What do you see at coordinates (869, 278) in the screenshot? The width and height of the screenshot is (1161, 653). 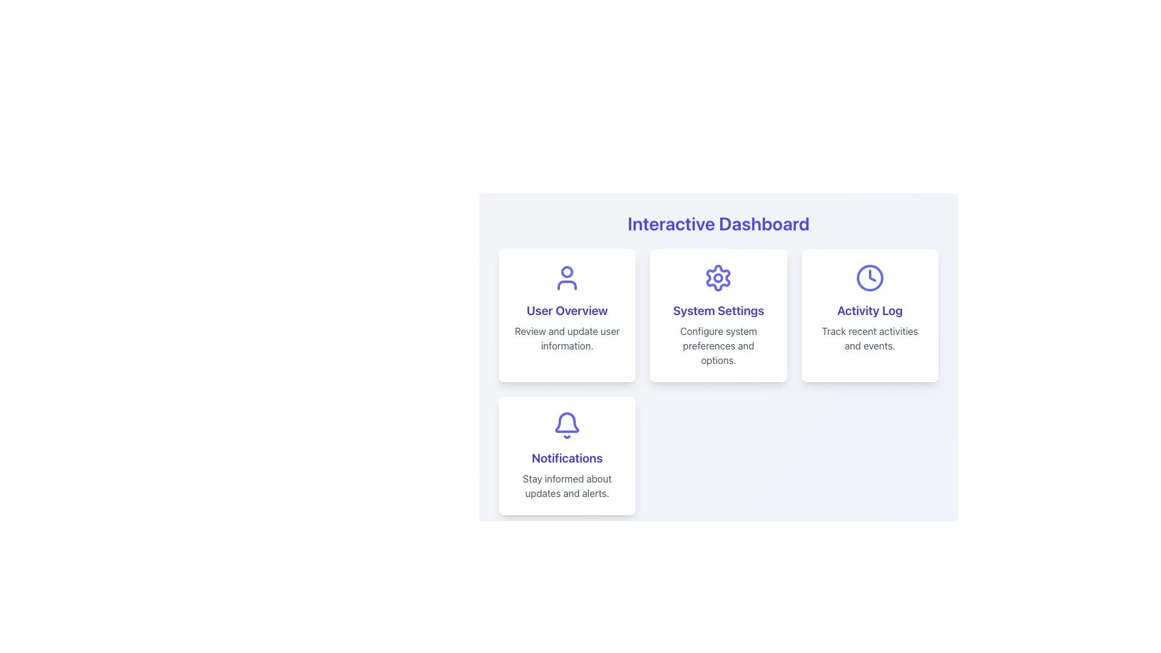 I see `the circular clock icon representing the 'Activity Log' feature, which is located in the top-right tile of the layout grid` at bounding box center [869, 278].